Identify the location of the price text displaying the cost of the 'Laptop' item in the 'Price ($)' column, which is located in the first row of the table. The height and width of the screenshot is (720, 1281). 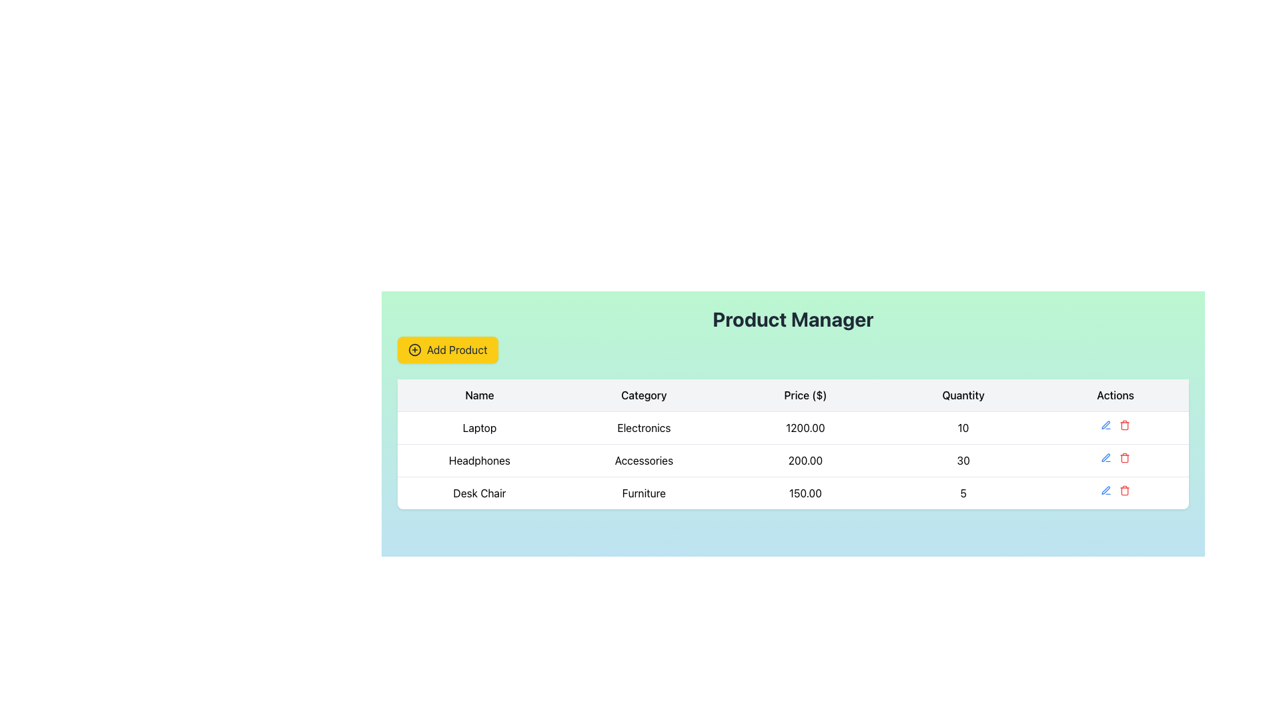
(805, 427).